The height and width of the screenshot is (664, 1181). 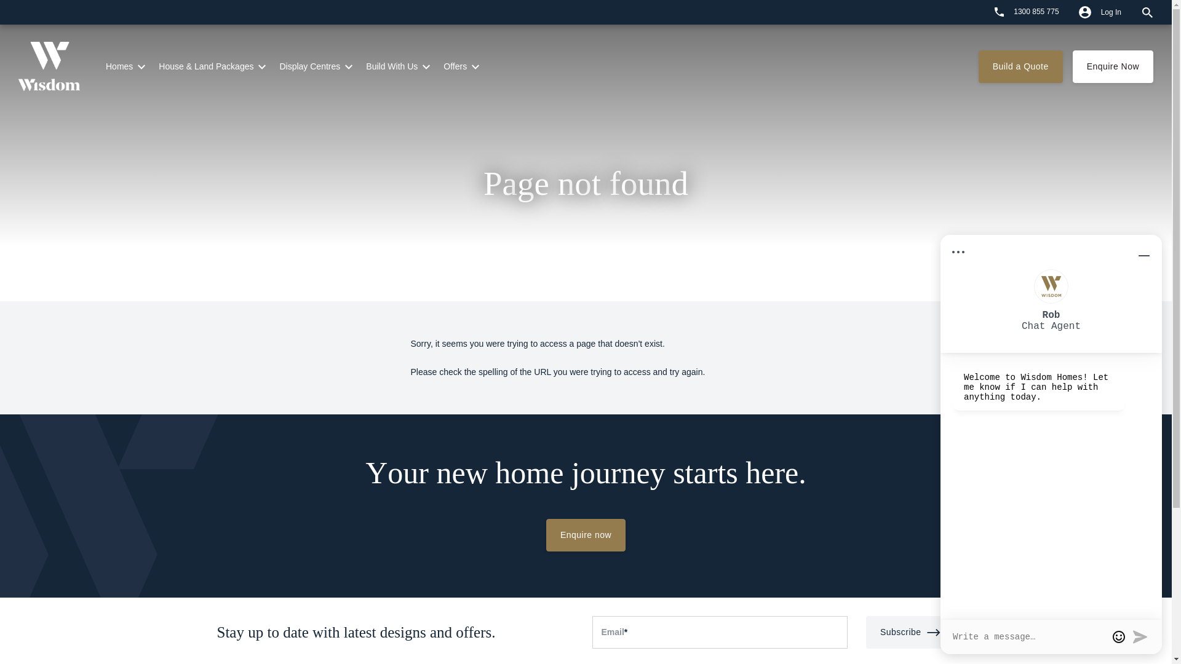 I want to click on 'Build With Us', so click(x=391, y=66).